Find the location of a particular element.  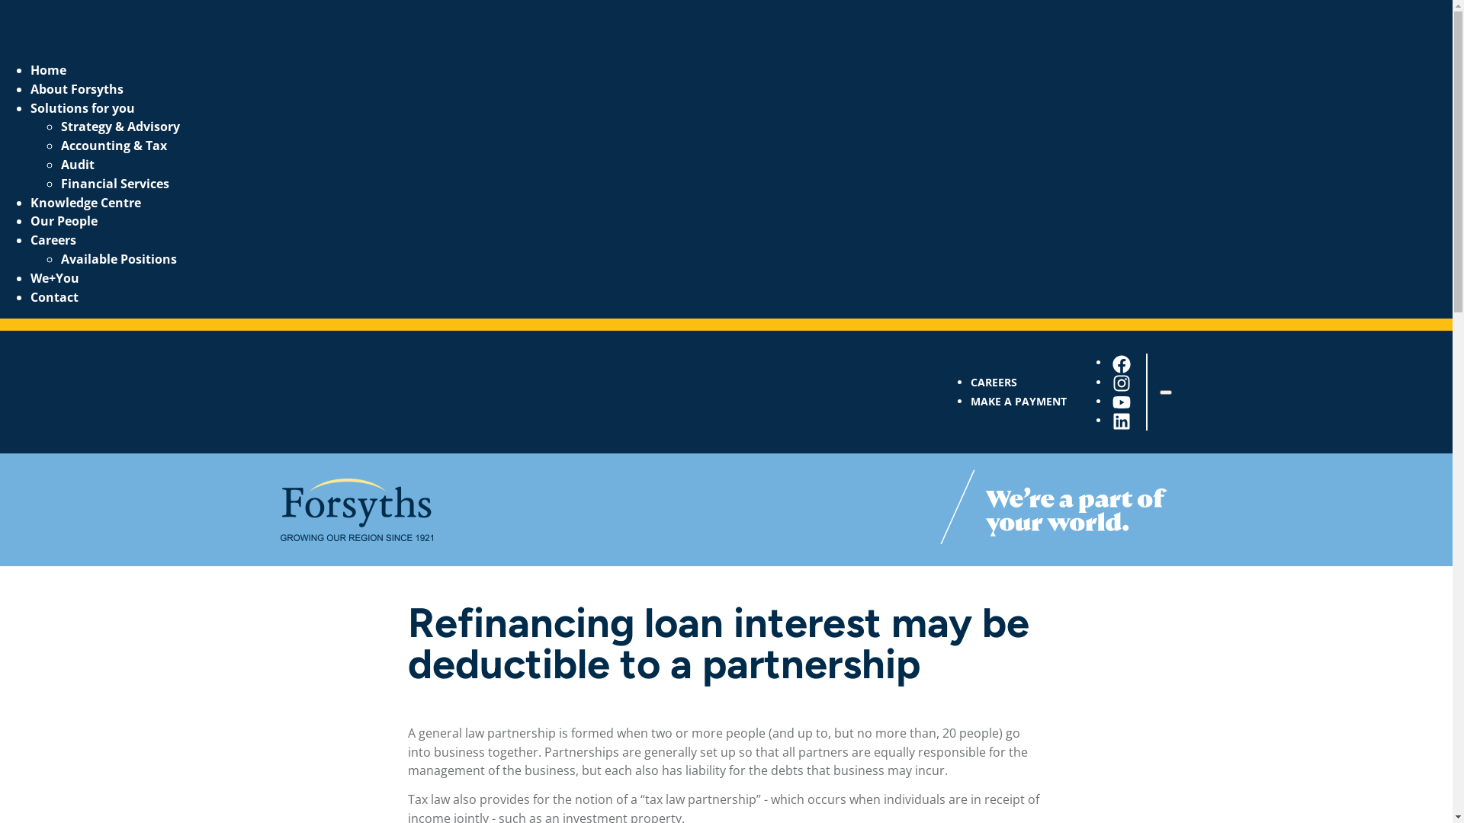

'Available Positions' is located at coordinates (118, 258).